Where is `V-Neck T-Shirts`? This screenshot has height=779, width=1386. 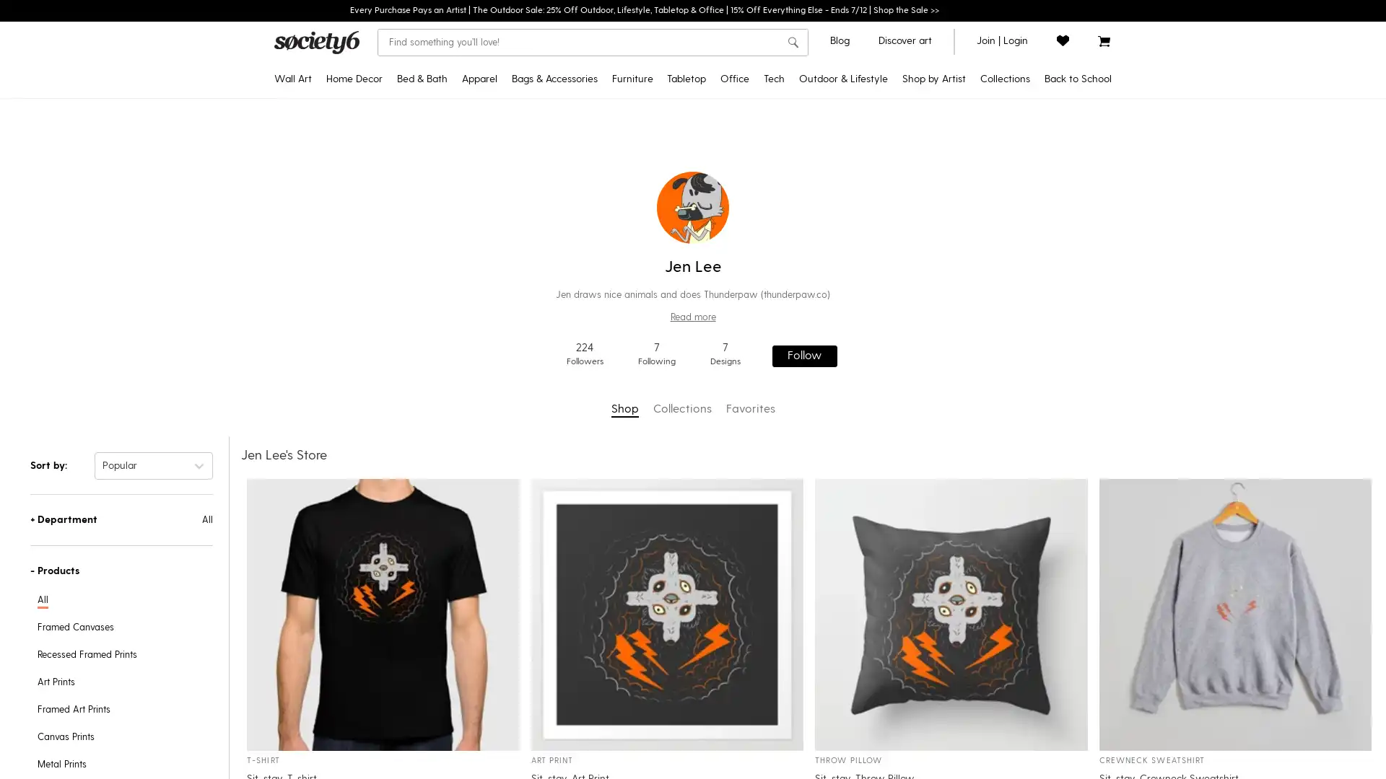 V-Neck T-Shirts is located at coordinates (524, 231).